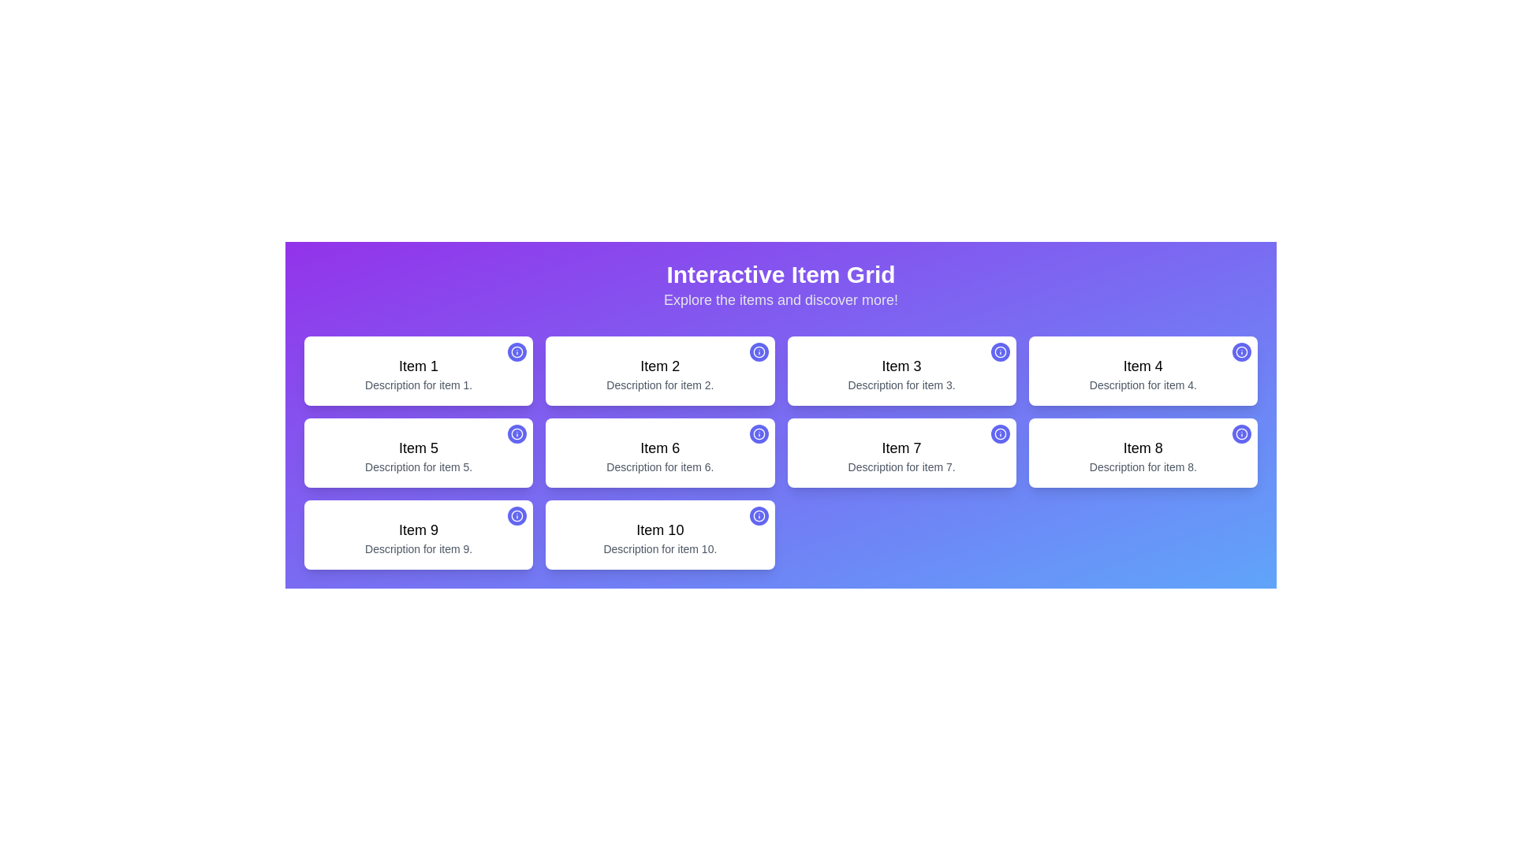 The height and width of the screenshot is (851, 1514). Describe the element at coordinates (999, 351) in the screenshot. I see `the circular information icon with an 'i' symbol at its center, located at the top-right corner of the 'Item 3' card` at that location.